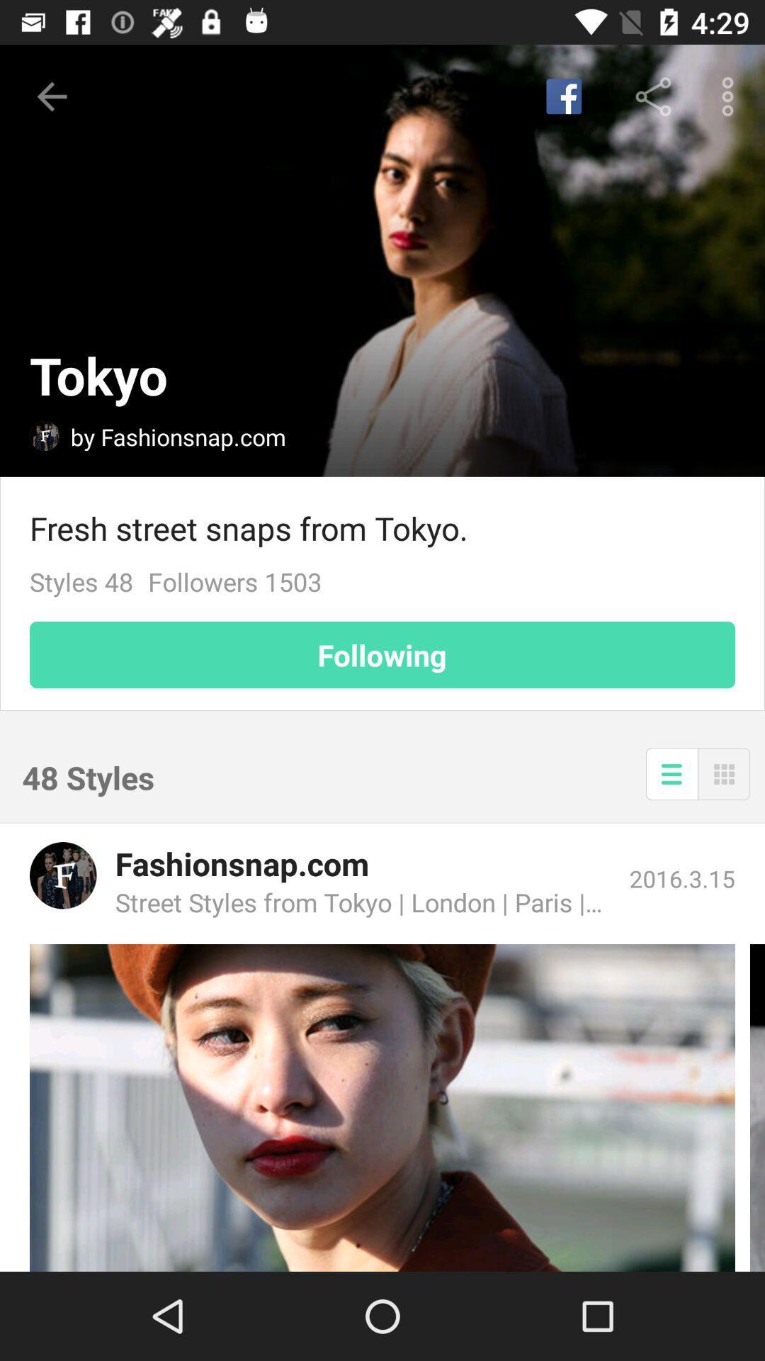 The image size is (765, 1361). I want to click on menu, so click(724, 773).